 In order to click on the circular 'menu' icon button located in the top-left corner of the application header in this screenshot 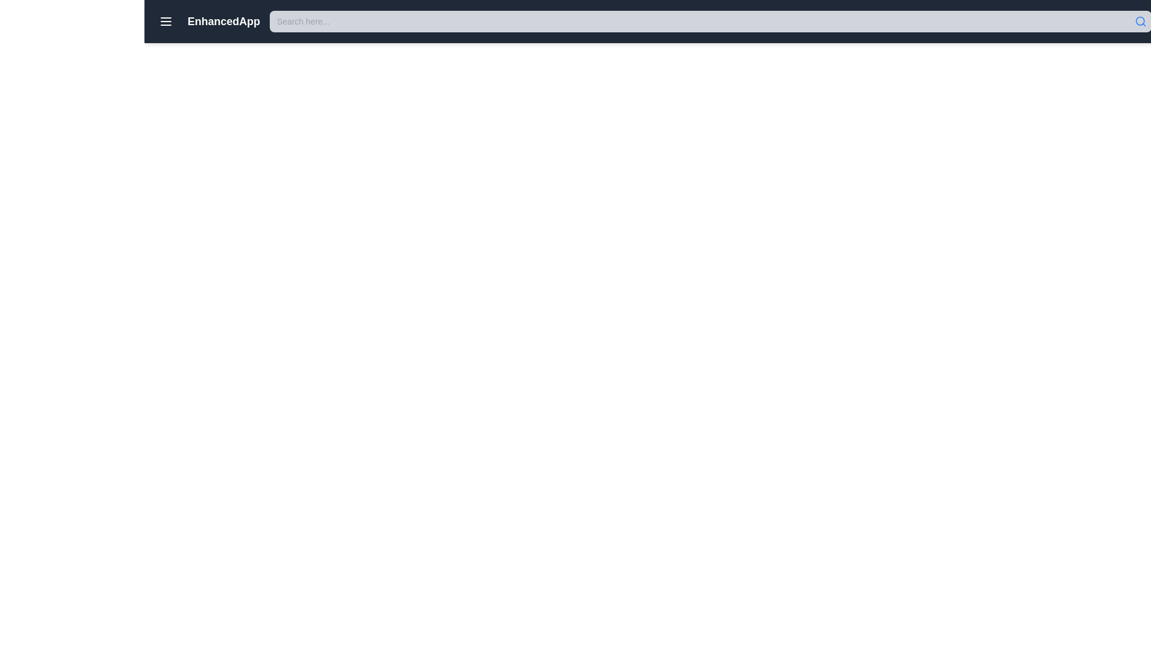, I will do `click(165, 21)`.